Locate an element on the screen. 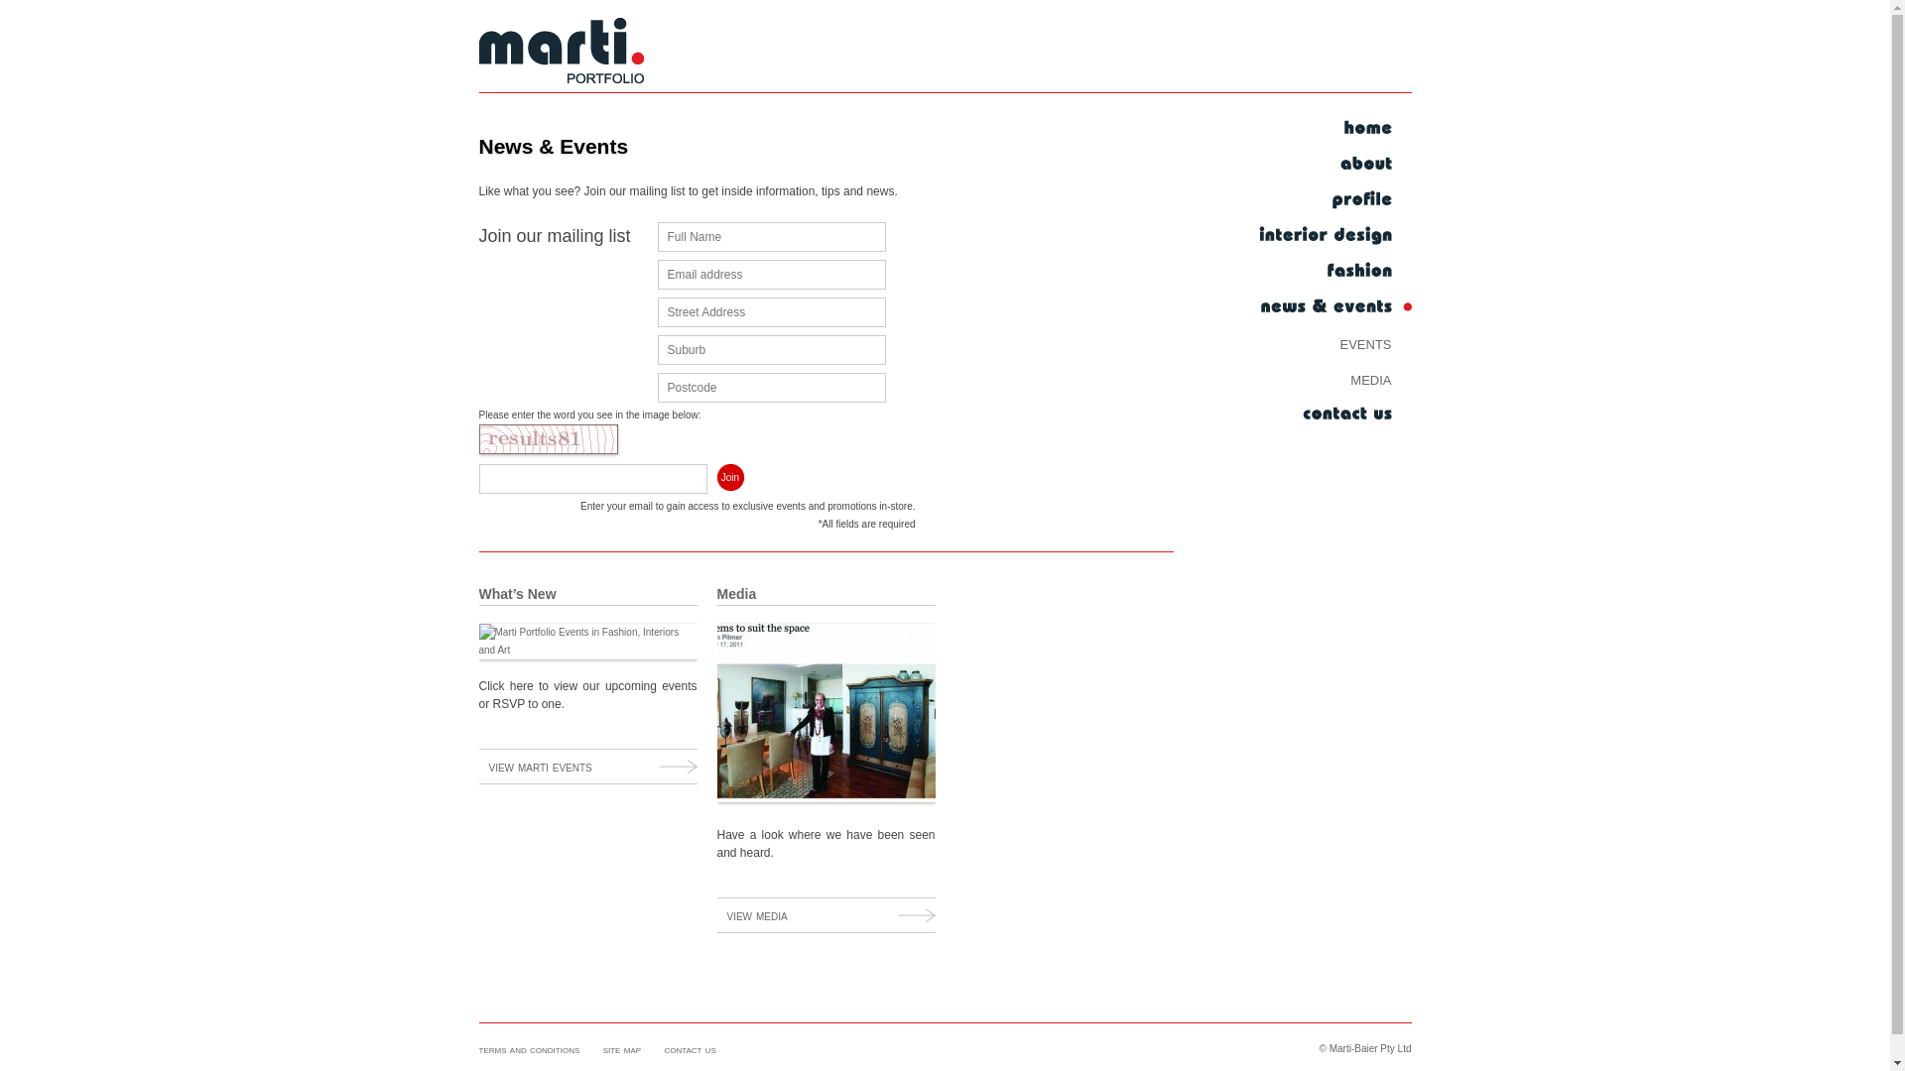 The width and height of the screenshot is (1905, 1071). 'view media' is located at coordinates (825, 914).